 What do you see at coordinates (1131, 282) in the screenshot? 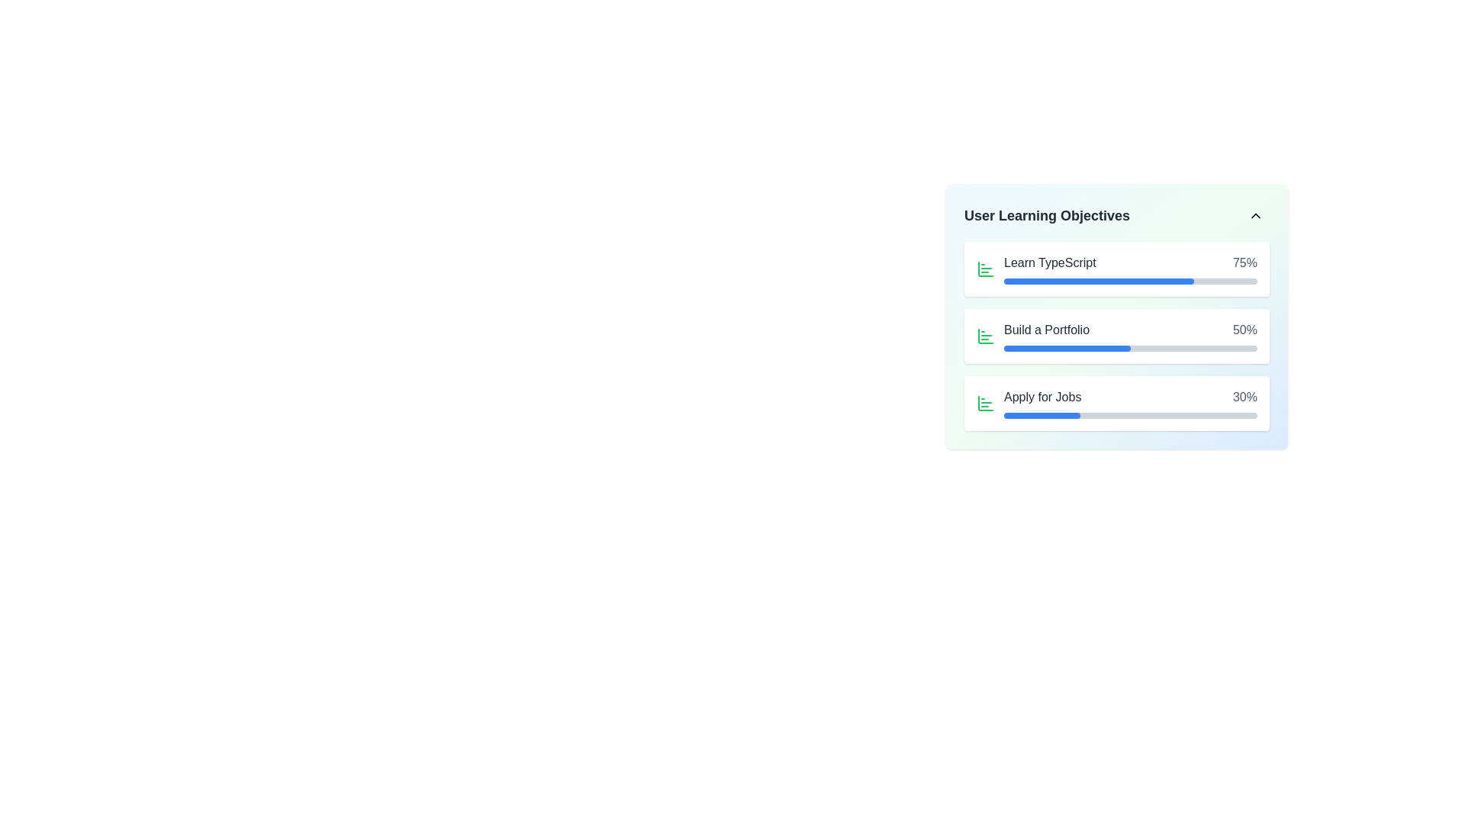
I see `the Progress bar indicating 75% completion for the 'Learn TypeScript' learning goal located below its label in the 'User Learning Objectives' section` at bounding box center [1131, 282].